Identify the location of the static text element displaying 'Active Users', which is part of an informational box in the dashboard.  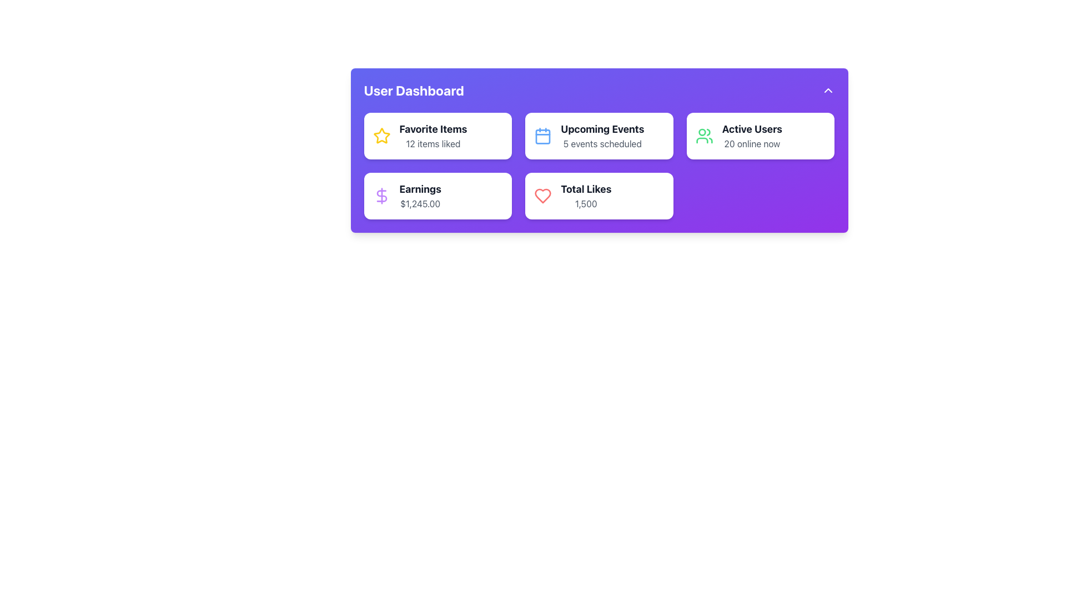
(752, 128).